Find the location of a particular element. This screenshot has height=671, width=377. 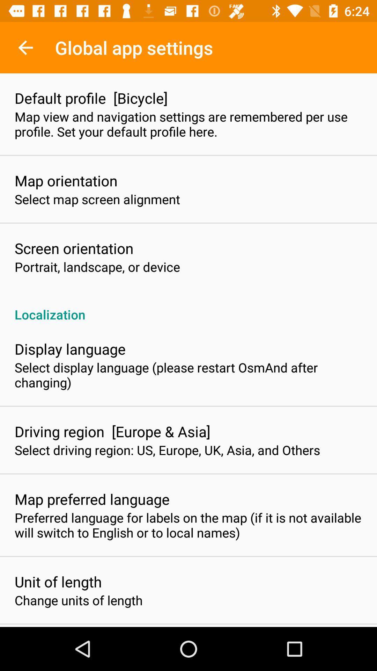

icon below map view and item is located at coordinates (66, 180).